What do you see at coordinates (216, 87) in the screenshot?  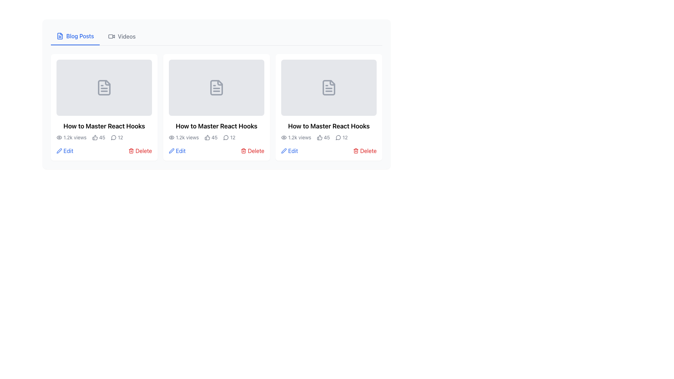 I see `the document icon located within the second card of a row of three cards, which visually represents a document or text file` at bounding box center [216, 87].